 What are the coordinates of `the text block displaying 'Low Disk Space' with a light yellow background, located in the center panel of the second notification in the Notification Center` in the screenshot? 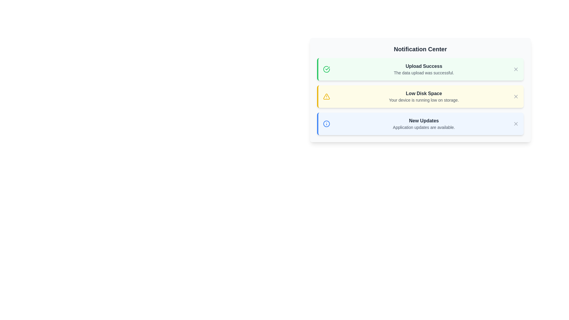 It's located at (423, 96).